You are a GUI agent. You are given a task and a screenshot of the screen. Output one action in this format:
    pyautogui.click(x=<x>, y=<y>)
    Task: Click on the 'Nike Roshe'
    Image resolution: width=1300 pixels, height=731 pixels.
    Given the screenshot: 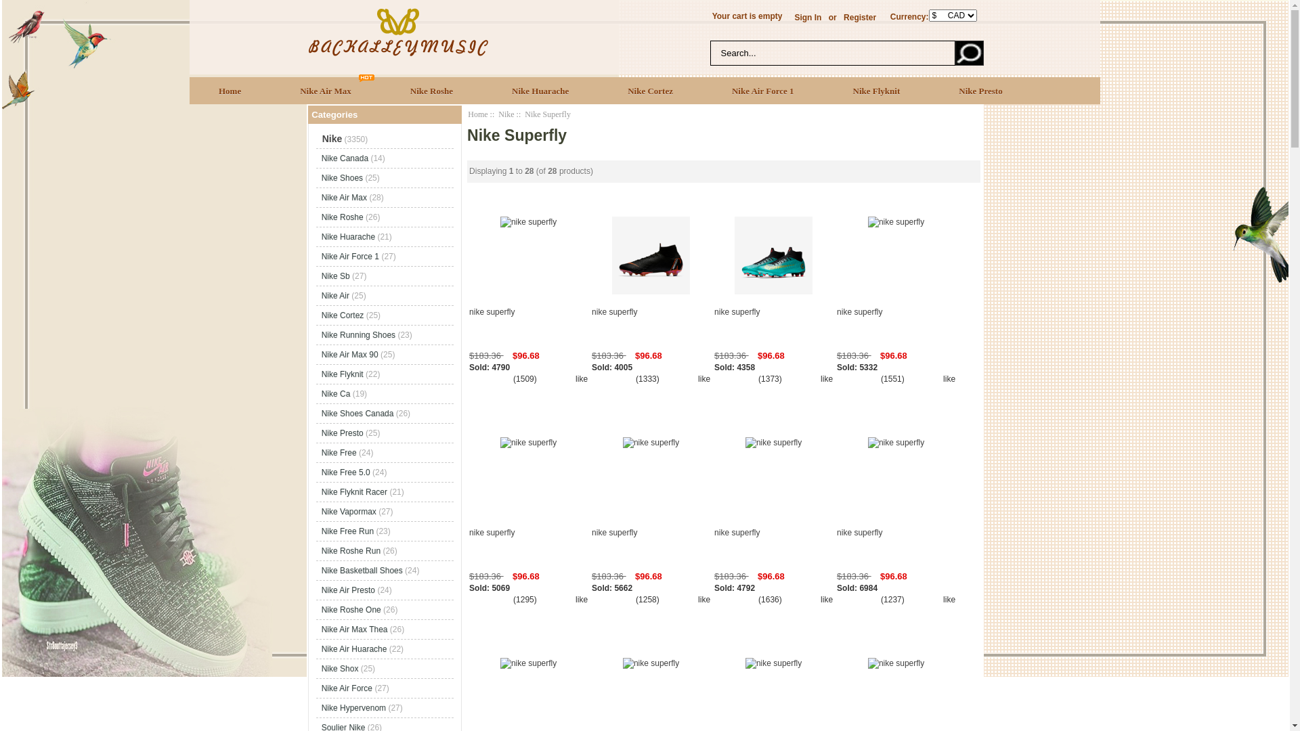 What is the action you would take?
    pyautogui.click(x=431, y=90)
    